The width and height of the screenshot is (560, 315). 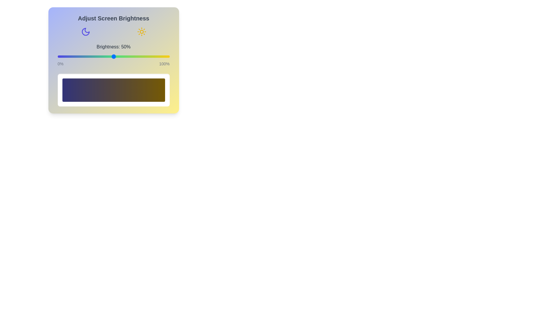 What do you see at coordinates (152, 56) in the screenshot?
I see `the brightness slider to 84%` at bounding box center [152, 56].